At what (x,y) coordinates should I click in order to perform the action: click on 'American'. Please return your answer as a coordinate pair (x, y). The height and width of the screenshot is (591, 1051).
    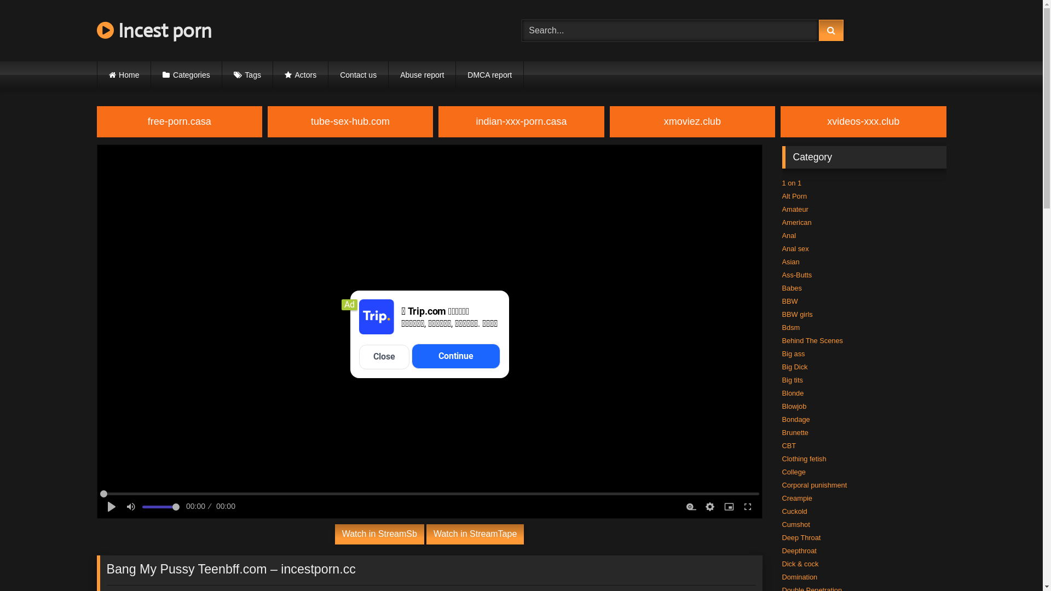
    Looking at the image, I should click on (796, 222).